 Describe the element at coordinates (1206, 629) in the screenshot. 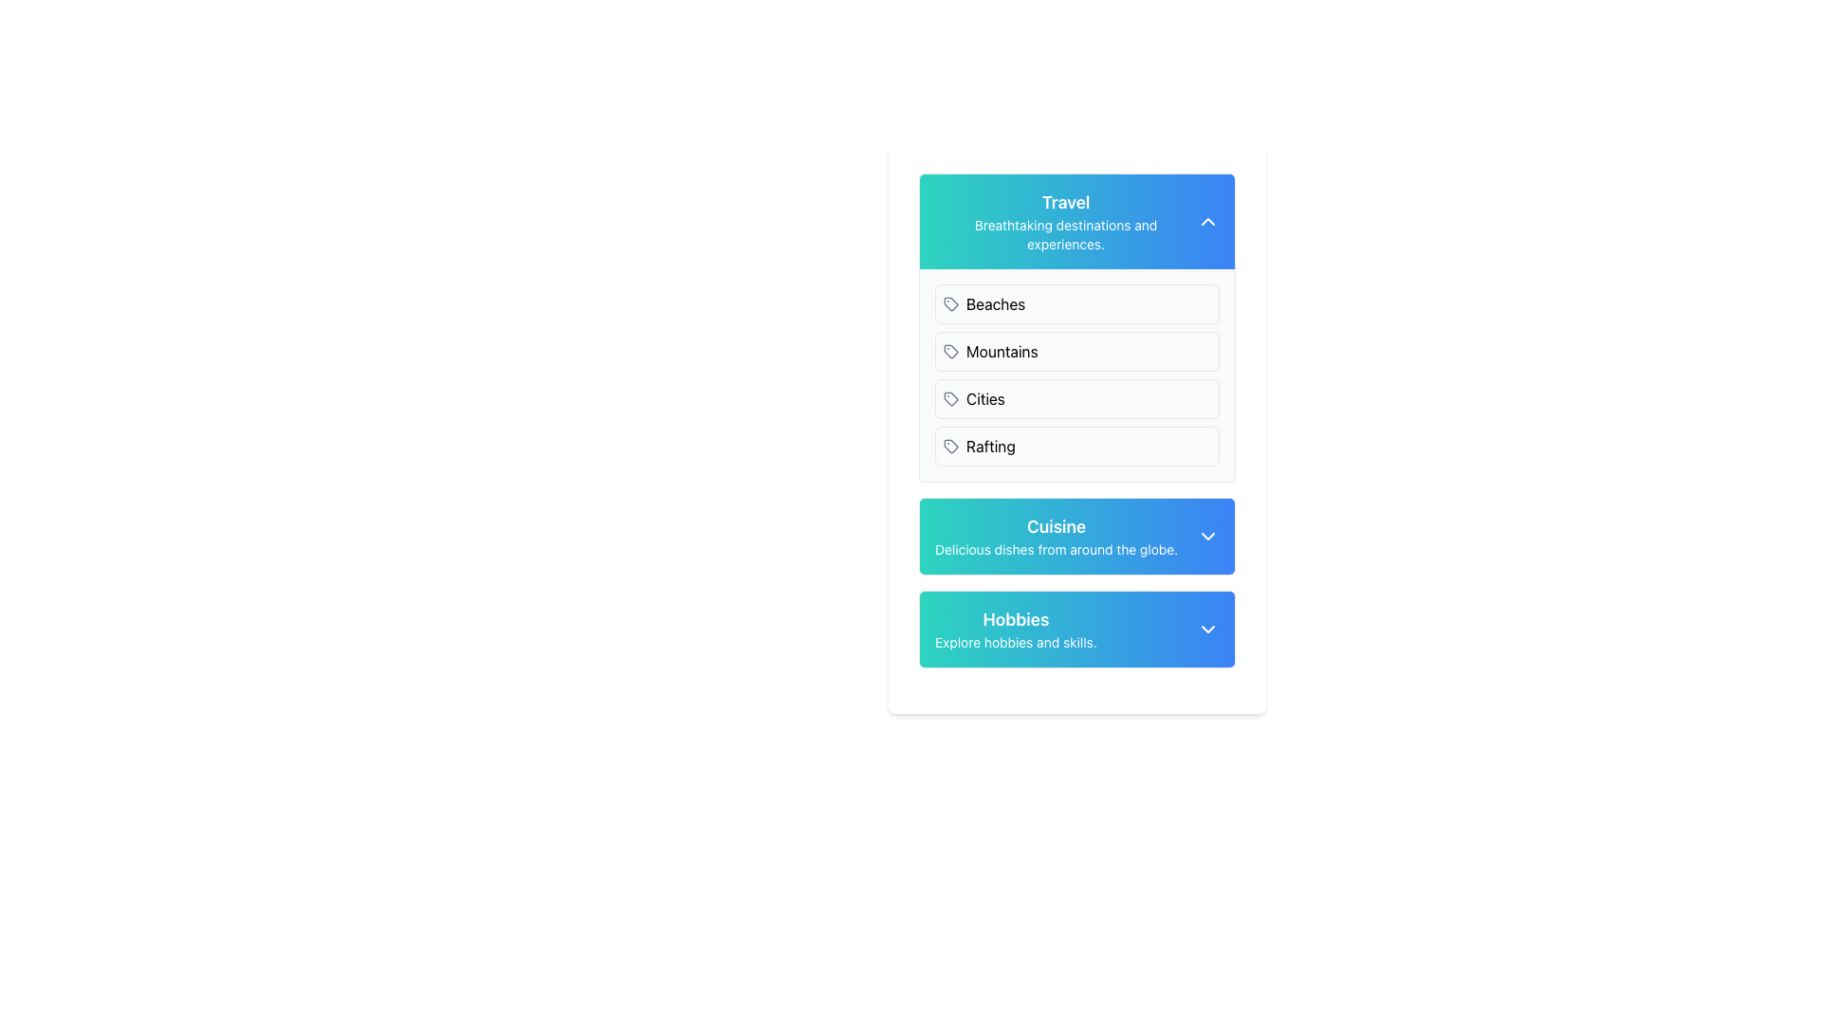

I see `the chevron icon in the 'Hobbies' section card` at that location.